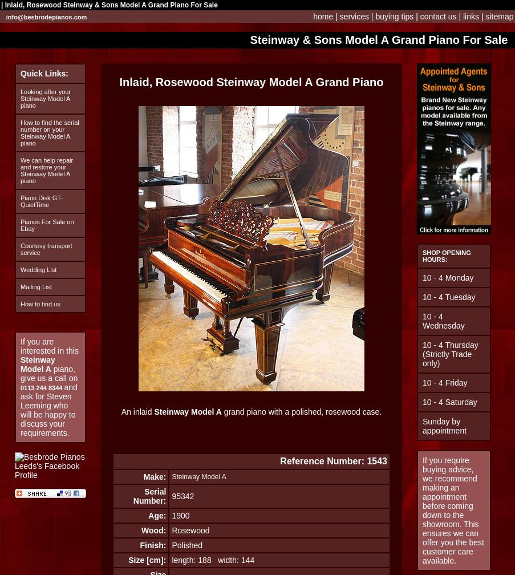 The image size is (515, 575). I want to click on 'Looking after your Steinway Model A piano', so click(20, 98).